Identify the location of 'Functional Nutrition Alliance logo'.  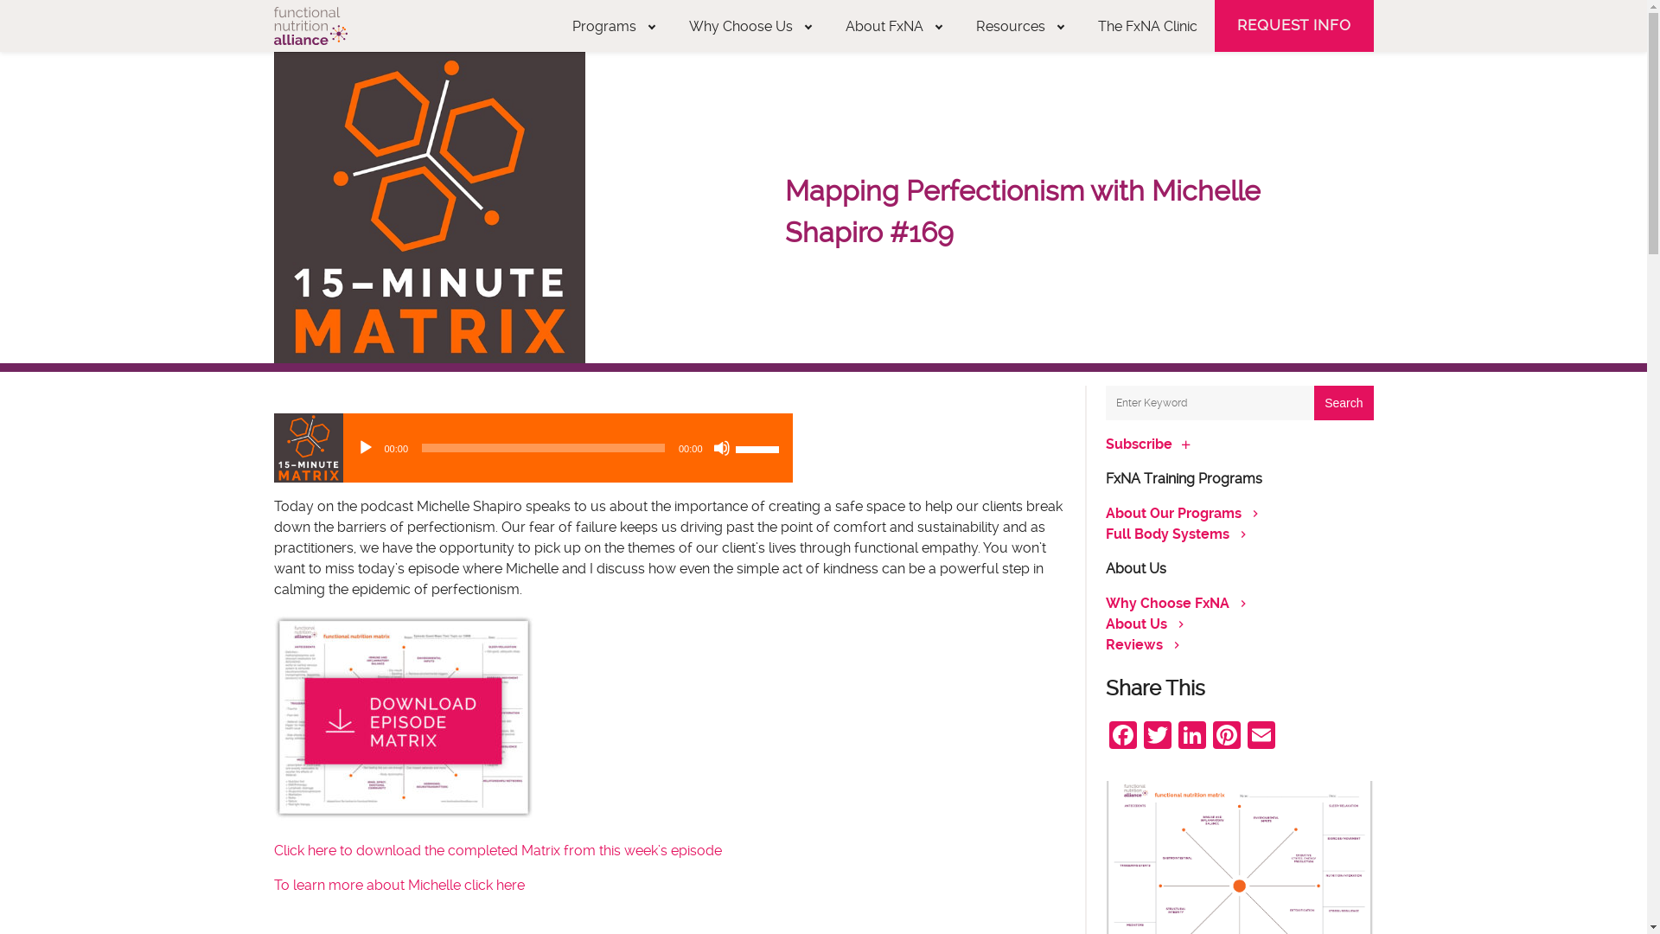
(310, 26).